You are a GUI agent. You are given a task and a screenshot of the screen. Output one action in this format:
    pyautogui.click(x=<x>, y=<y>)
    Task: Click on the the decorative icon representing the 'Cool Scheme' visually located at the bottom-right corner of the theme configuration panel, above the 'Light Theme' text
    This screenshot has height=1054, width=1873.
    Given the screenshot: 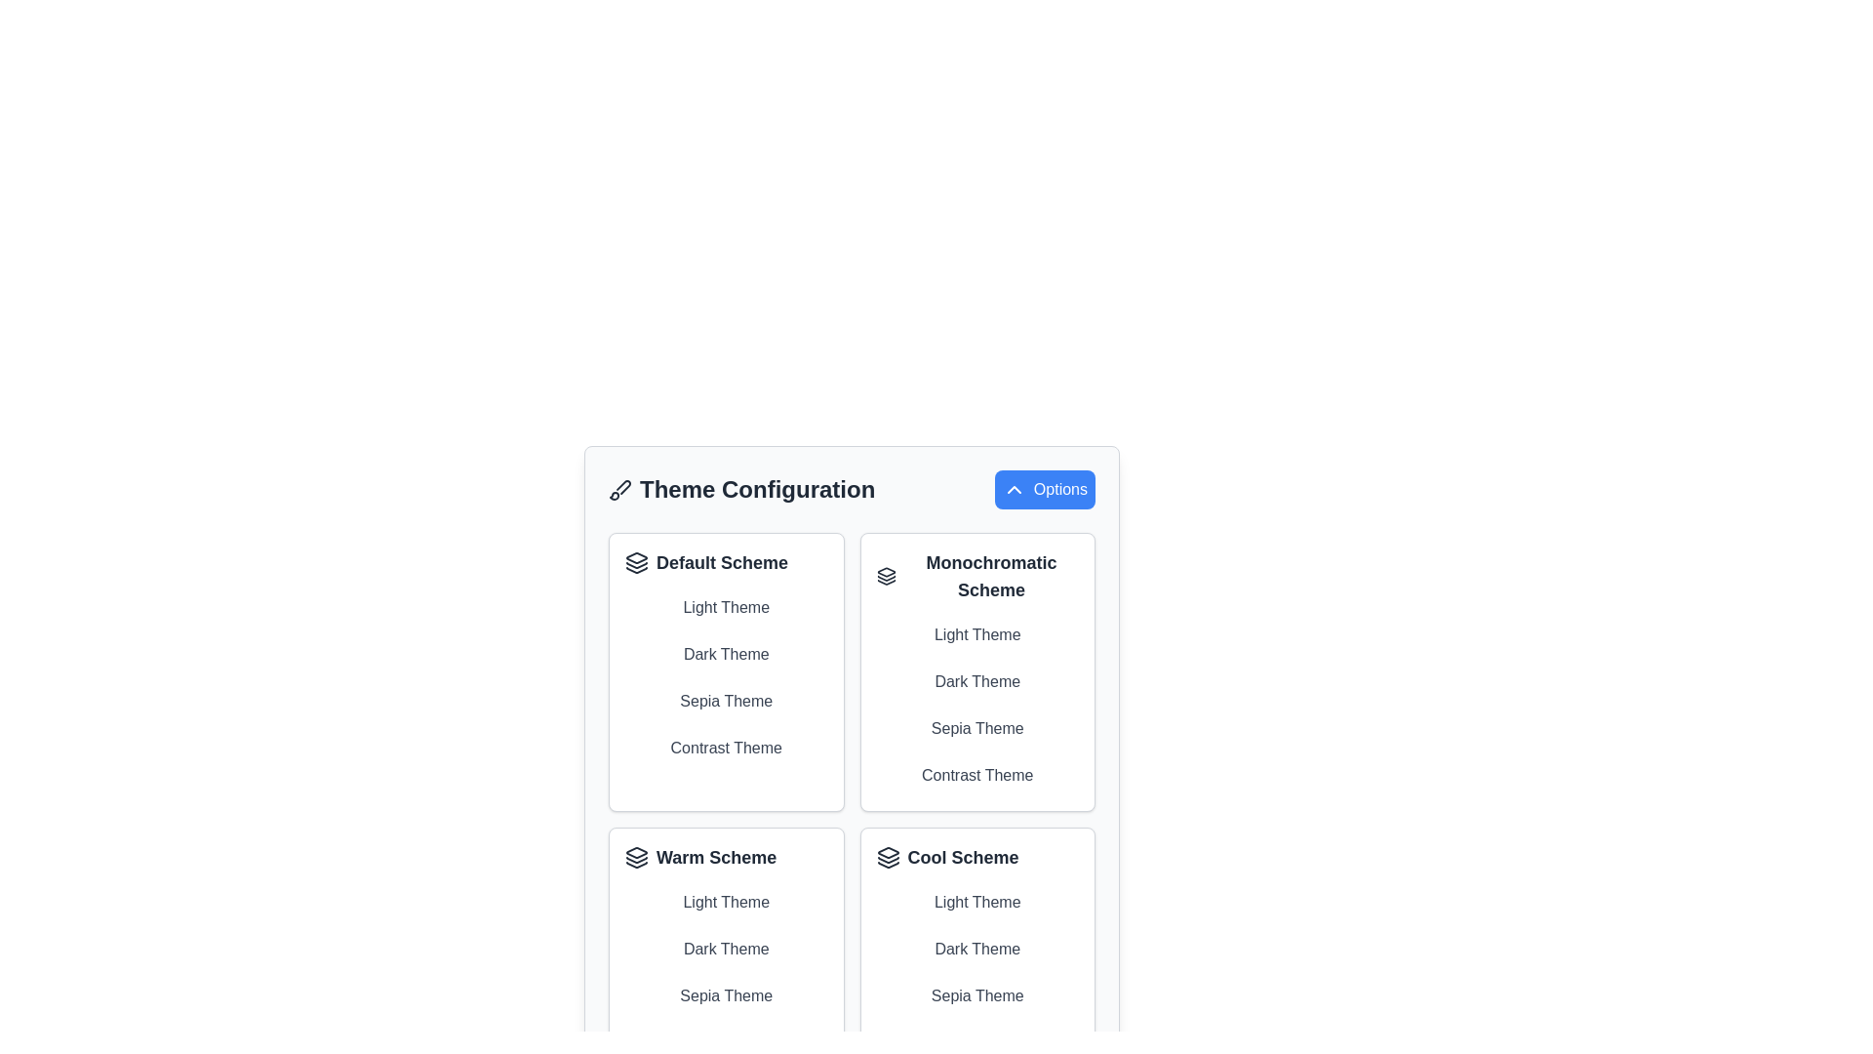 What is the action you would take?
    pyautogui.click(x=887, y=852)
    